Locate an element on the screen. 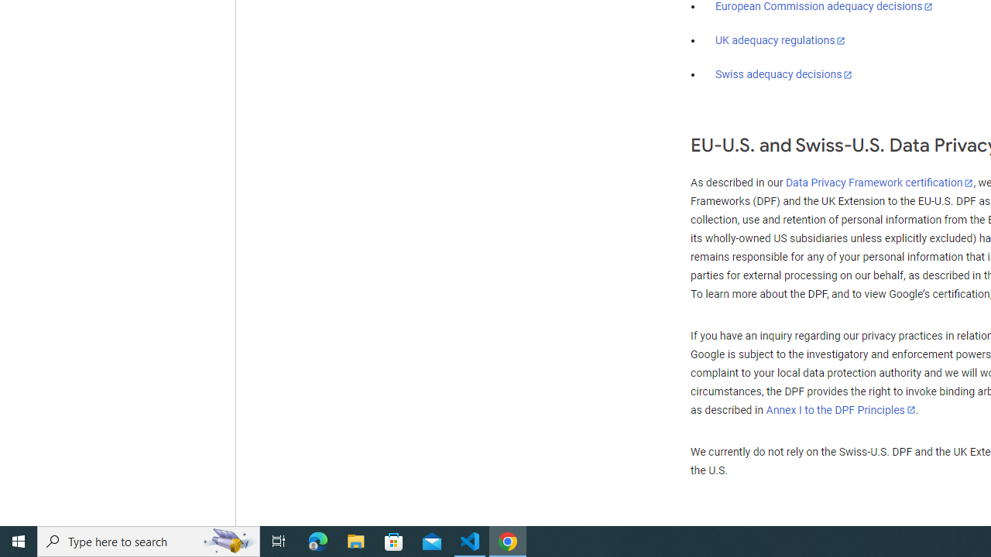 This screenshot has height=557, width=991. 'Annex I to the DPF Principles' is located at coordinates (840, 409).